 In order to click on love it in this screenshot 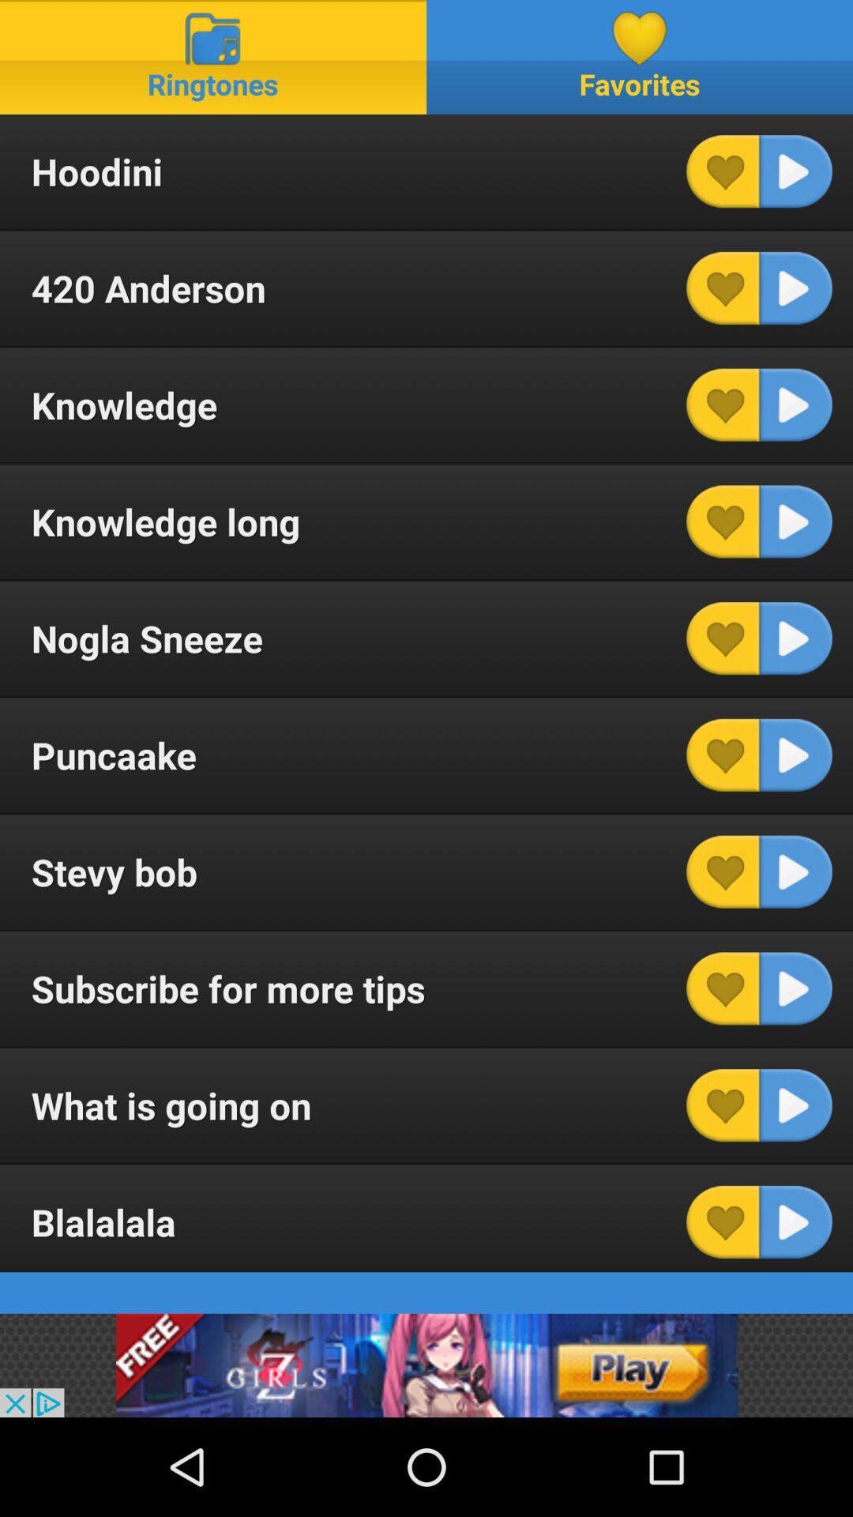, I will do `click(723, 871)`.